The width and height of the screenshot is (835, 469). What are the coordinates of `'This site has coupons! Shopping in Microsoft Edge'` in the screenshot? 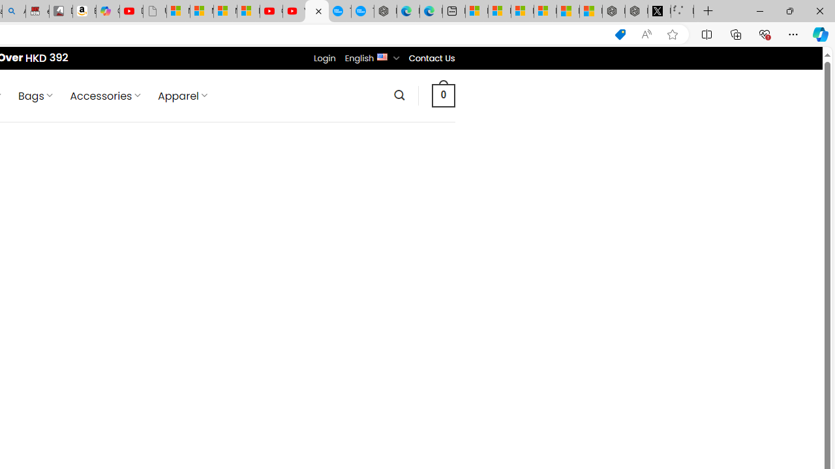 It's located at (620, 34).